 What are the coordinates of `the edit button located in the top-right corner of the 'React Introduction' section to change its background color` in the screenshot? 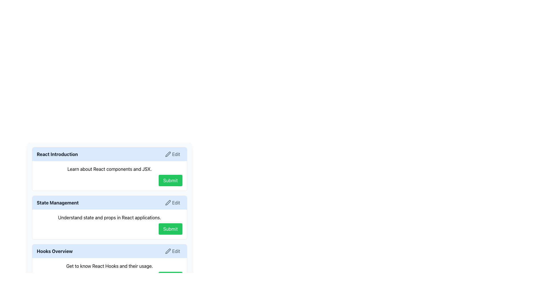 It's located at (172, 154).